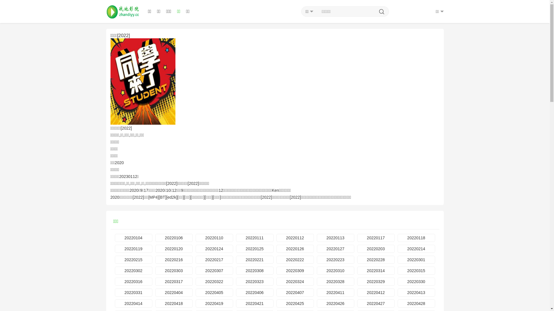  I want to click on '20220412', so click(376, 292).